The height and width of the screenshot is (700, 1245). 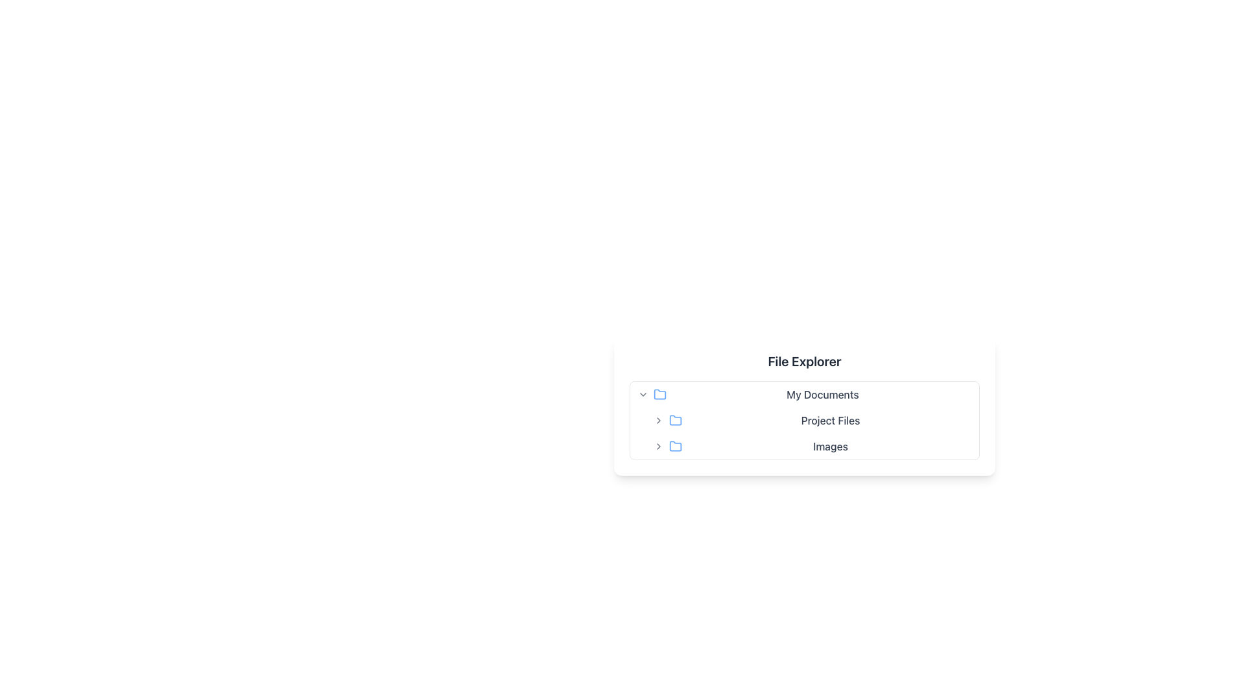 What do you see at coordinates (804, 420) in the screenshot?
I see `the 'Project Files' folder element in the file explorer` at bounding box center [804, 420].